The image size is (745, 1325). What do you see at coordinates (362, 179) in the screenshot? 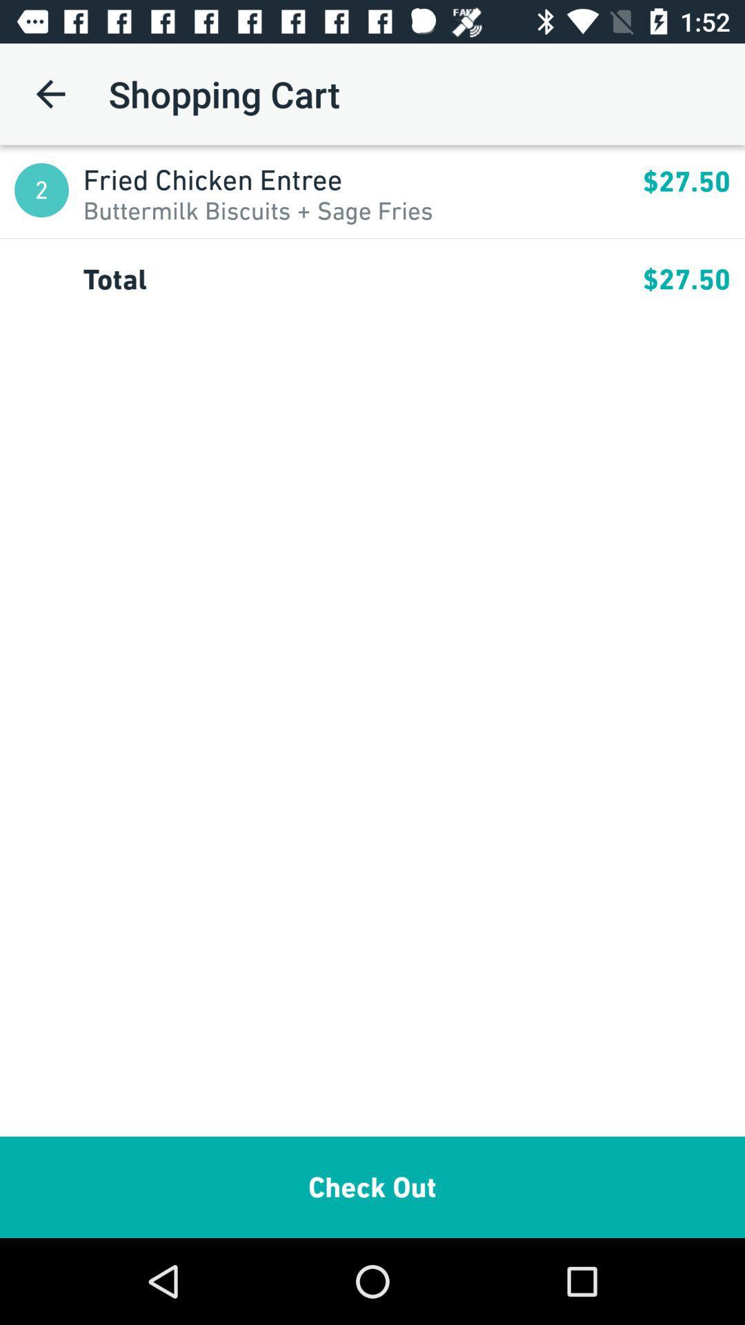
I see `icon to the left of the $27.50 item` at bounding box center [362, 179].